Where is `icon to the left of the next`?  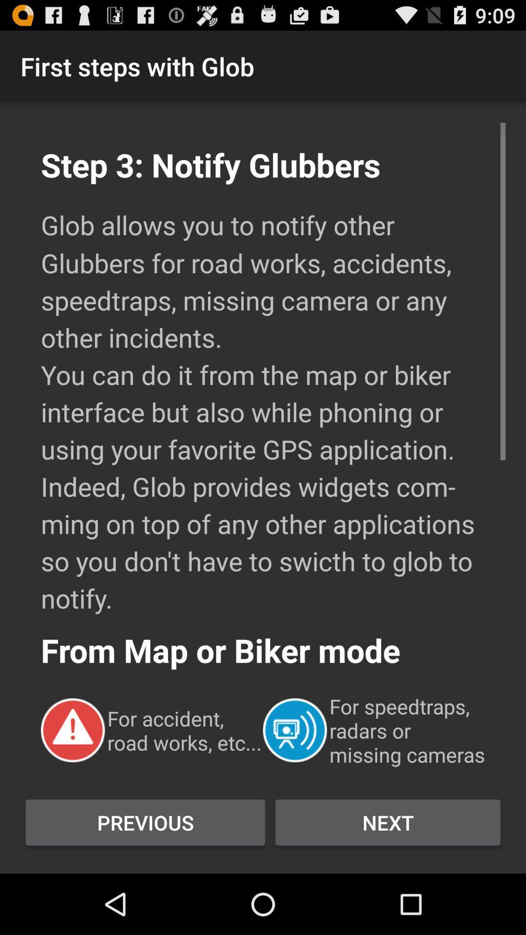
icon to the left of the next is located at coordinates (145, 822).